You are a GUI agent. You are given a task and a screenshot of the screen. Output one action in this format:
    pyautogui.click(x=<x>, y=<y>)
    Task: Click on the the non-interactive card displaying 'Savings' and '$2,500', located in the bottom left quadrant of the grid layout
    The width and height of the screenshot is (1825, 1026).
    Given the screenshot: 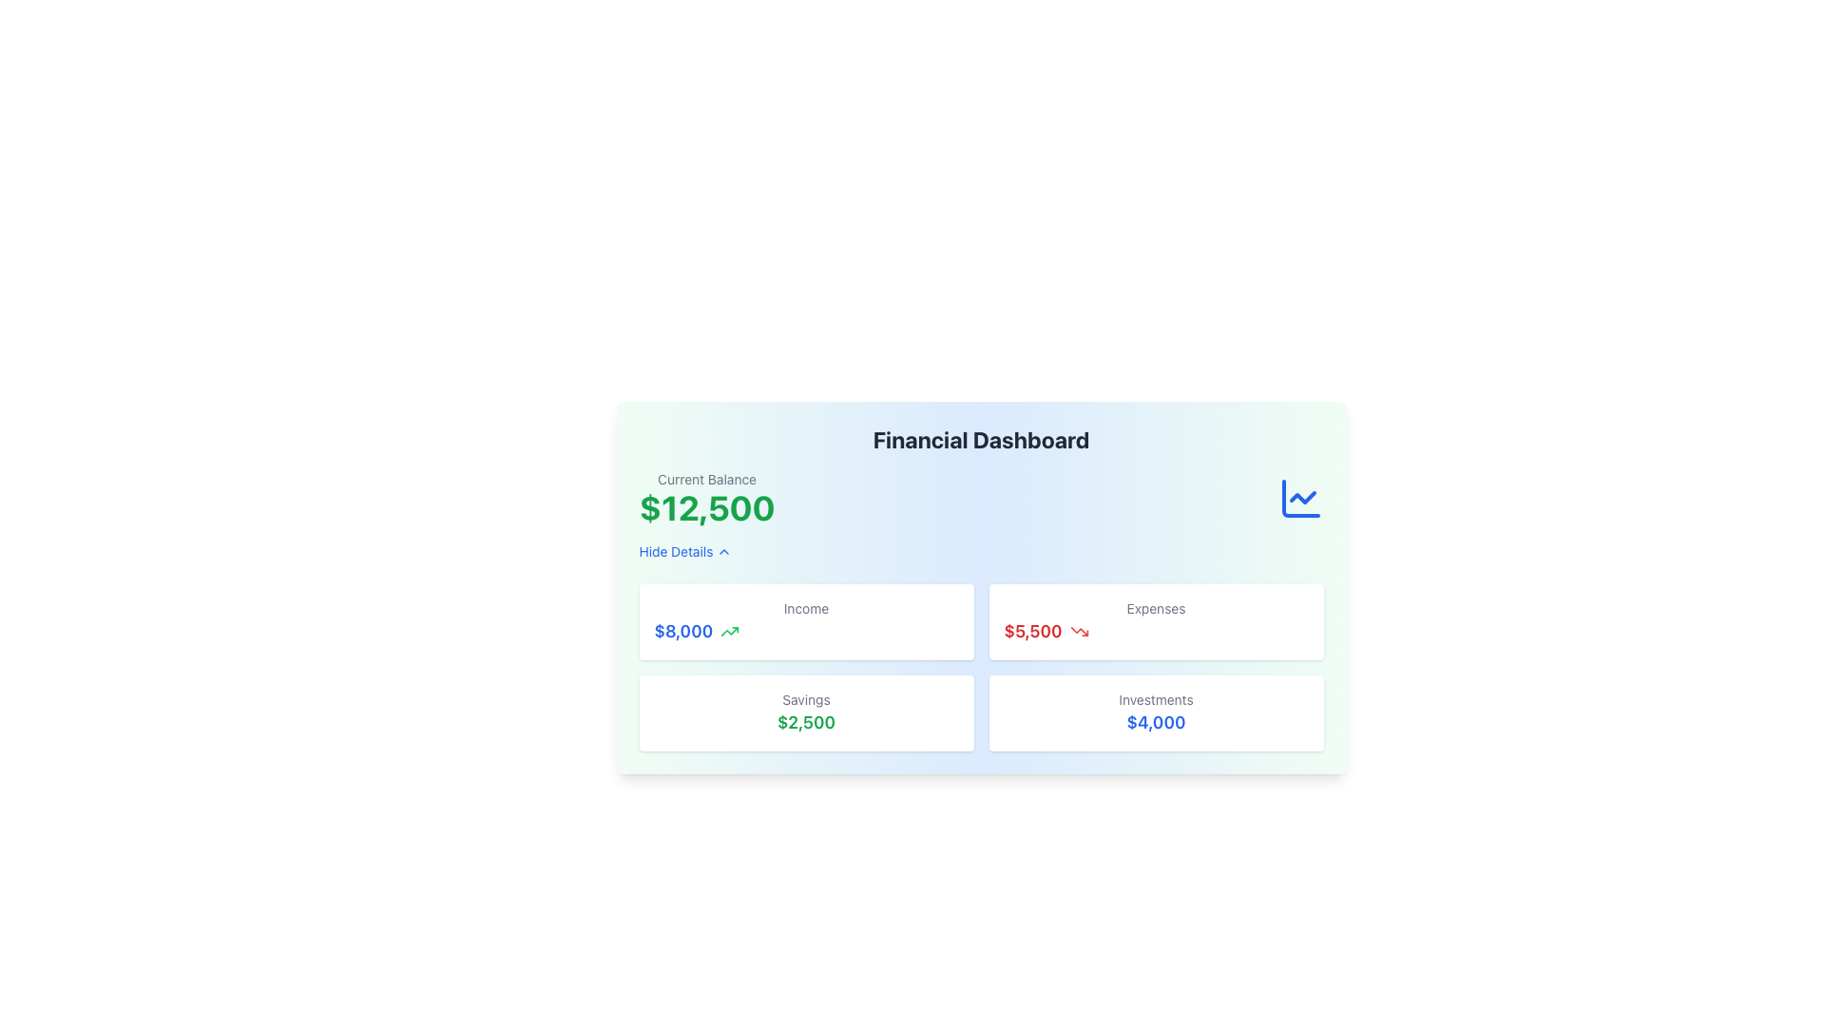 What is the action you would take?
    pyautogui.click(x=806, y=713)
    